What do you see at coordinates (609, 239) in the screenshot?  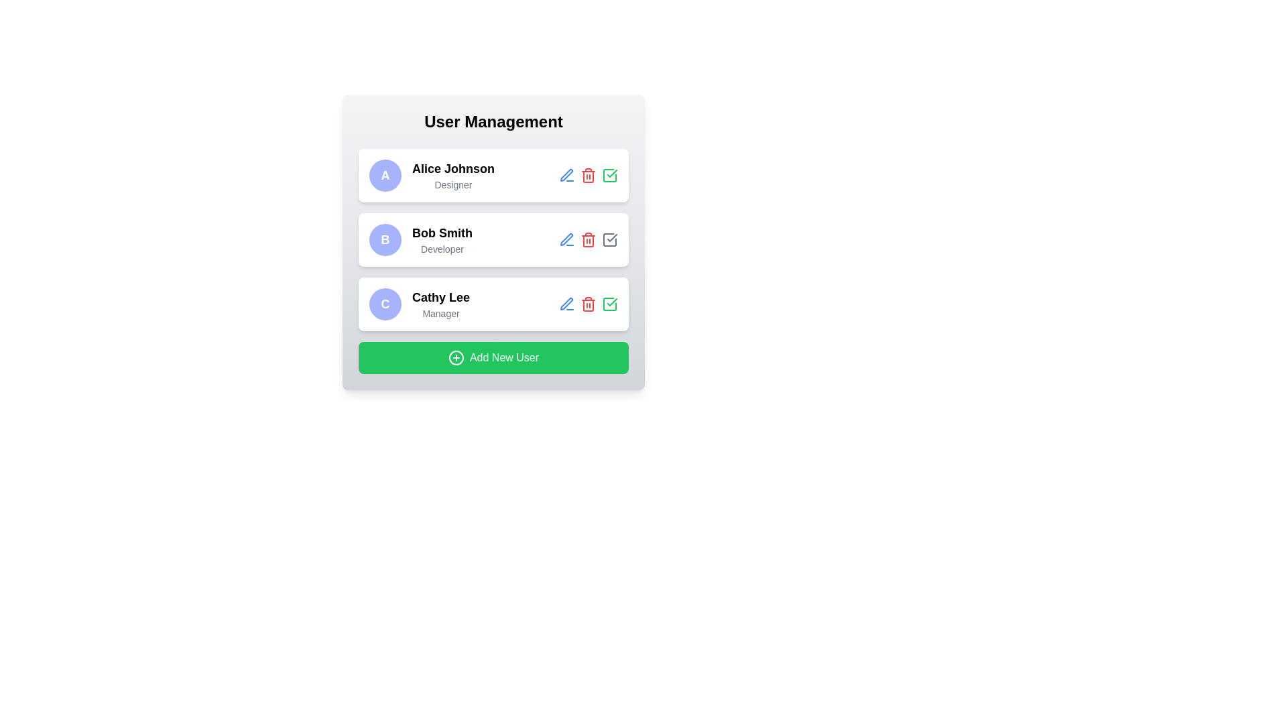 I see `the checkbox-like icon with a check mark inside it located at the far-right side of the row for 'Bob Smith, Developer' in the 'User Management' table to approve` at bounding box center [609, 239].